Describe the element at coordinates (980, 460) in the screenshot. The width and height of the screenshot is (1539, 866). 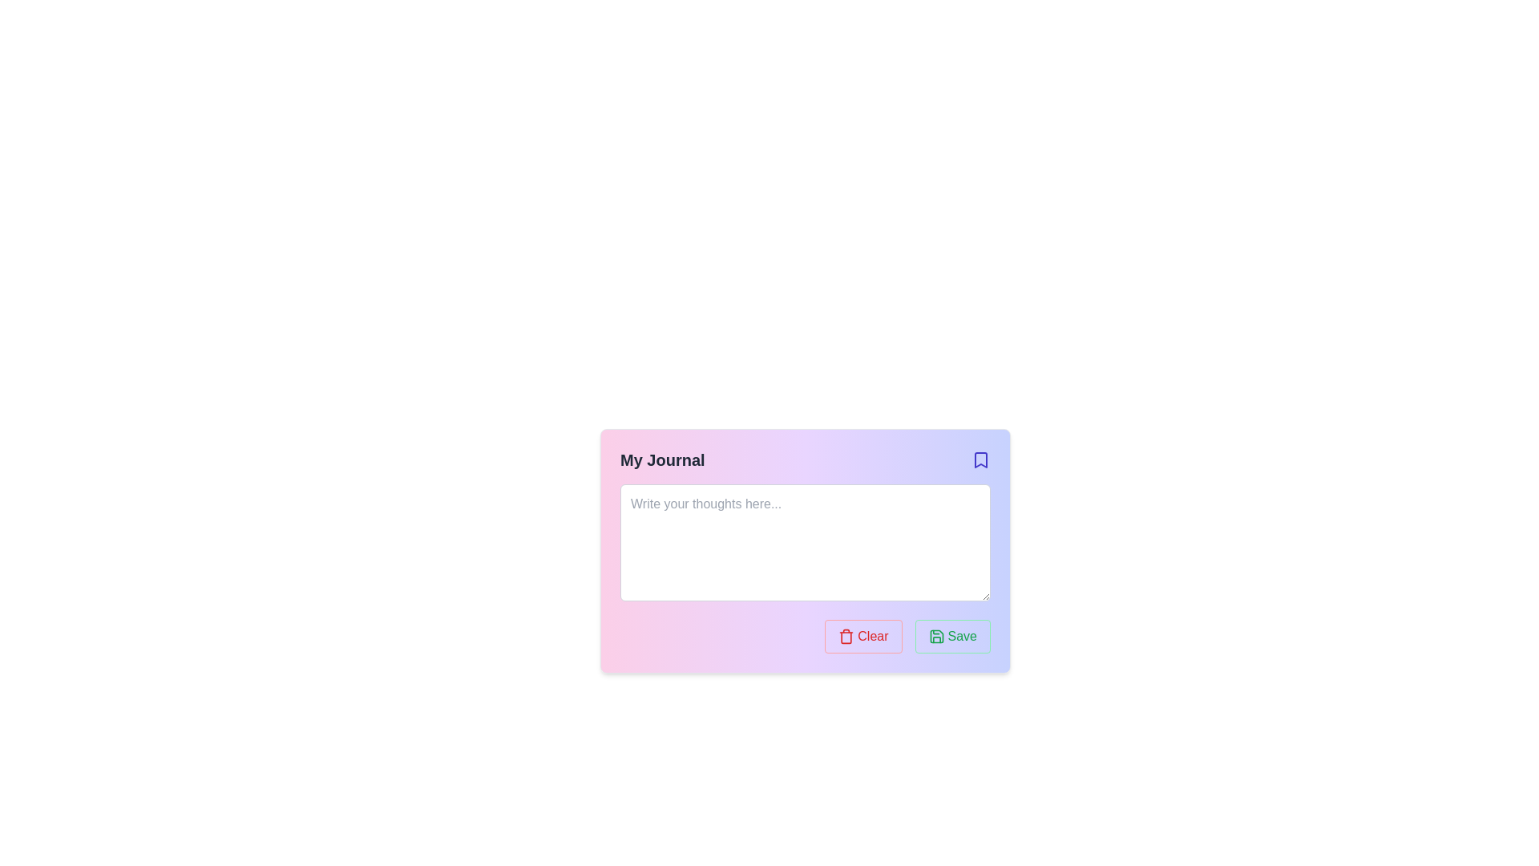
I see `the bookmark-shaped SVG icon located in the top-right header area of the 'My Journal' card` at that location.